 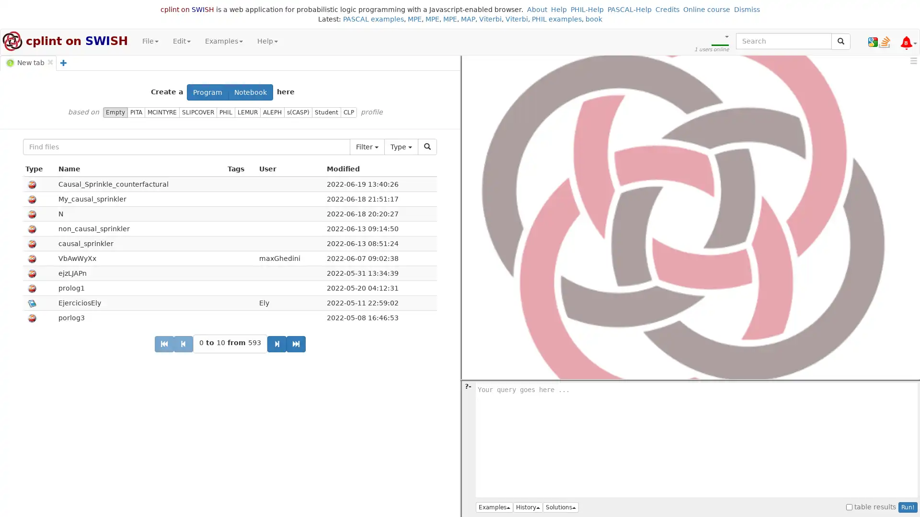 I want to click on Examples, so click(x=494, y=507).